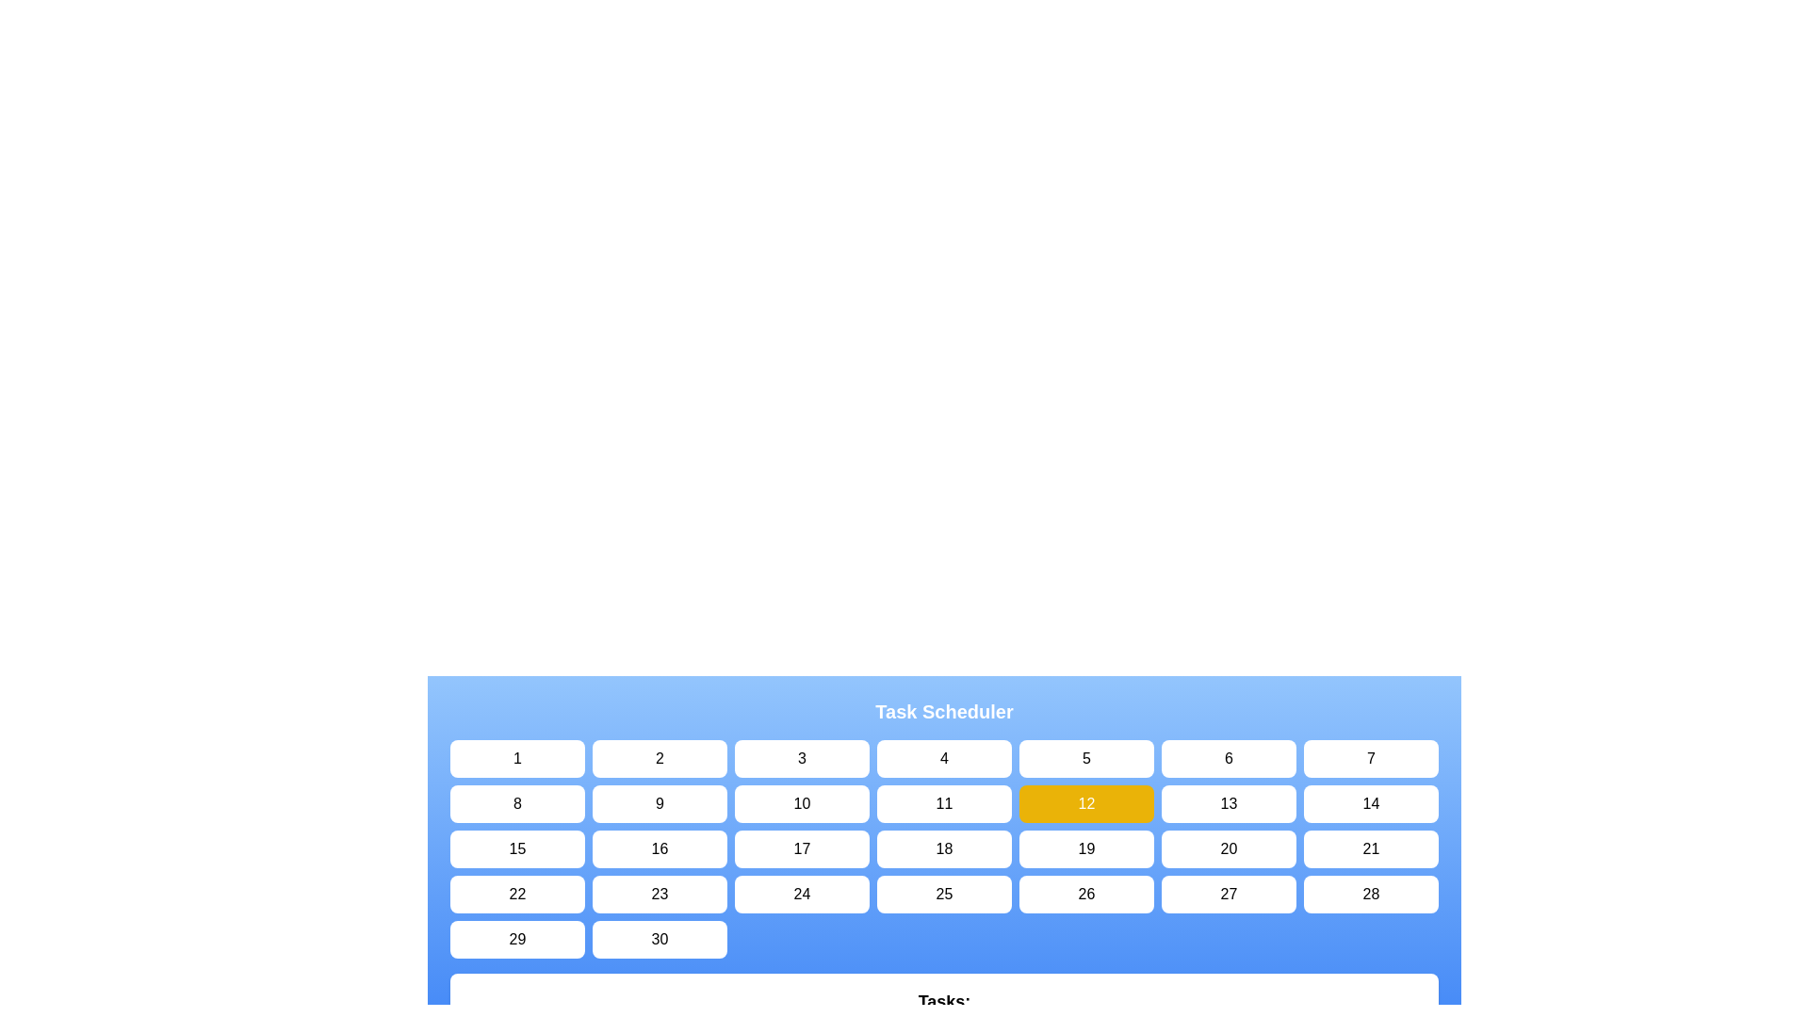  I want to click on the button labeled '2' in the grid layout, so click(660, 758).